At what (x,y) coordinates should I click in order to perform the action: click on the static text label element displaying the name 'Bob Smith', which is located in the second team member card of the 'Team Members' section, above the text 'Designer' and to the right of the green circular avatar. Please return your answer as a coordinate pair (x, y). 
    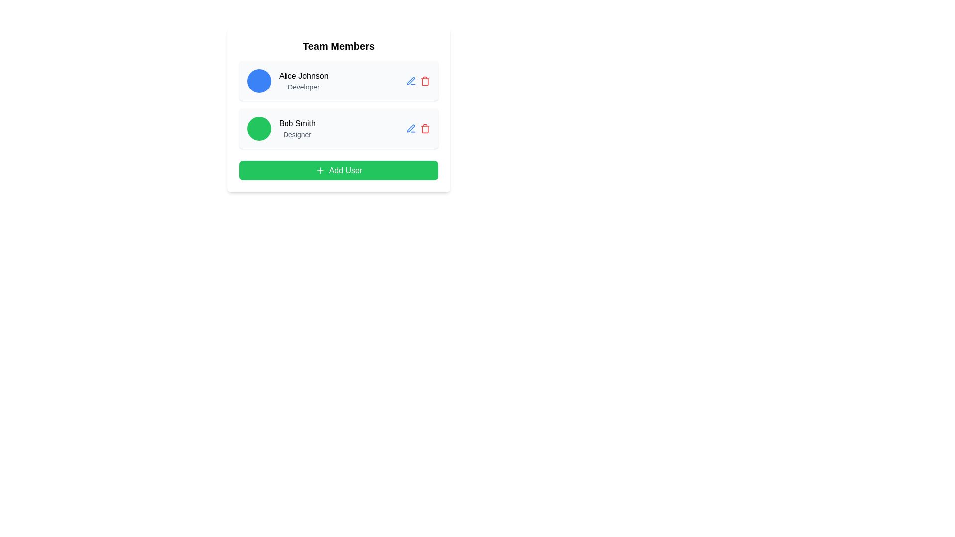
    Looking at the image, I should click on (296, 123).